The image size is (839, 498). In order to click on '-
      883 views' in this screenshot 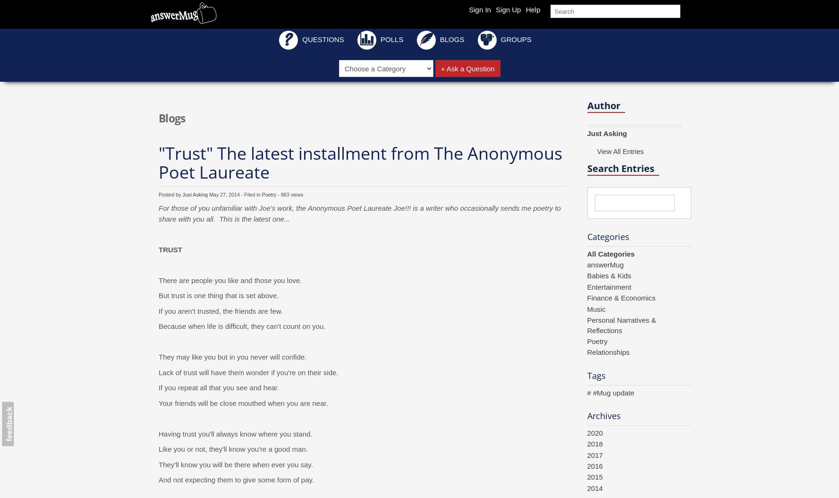, I will do `click(275, 194)`.